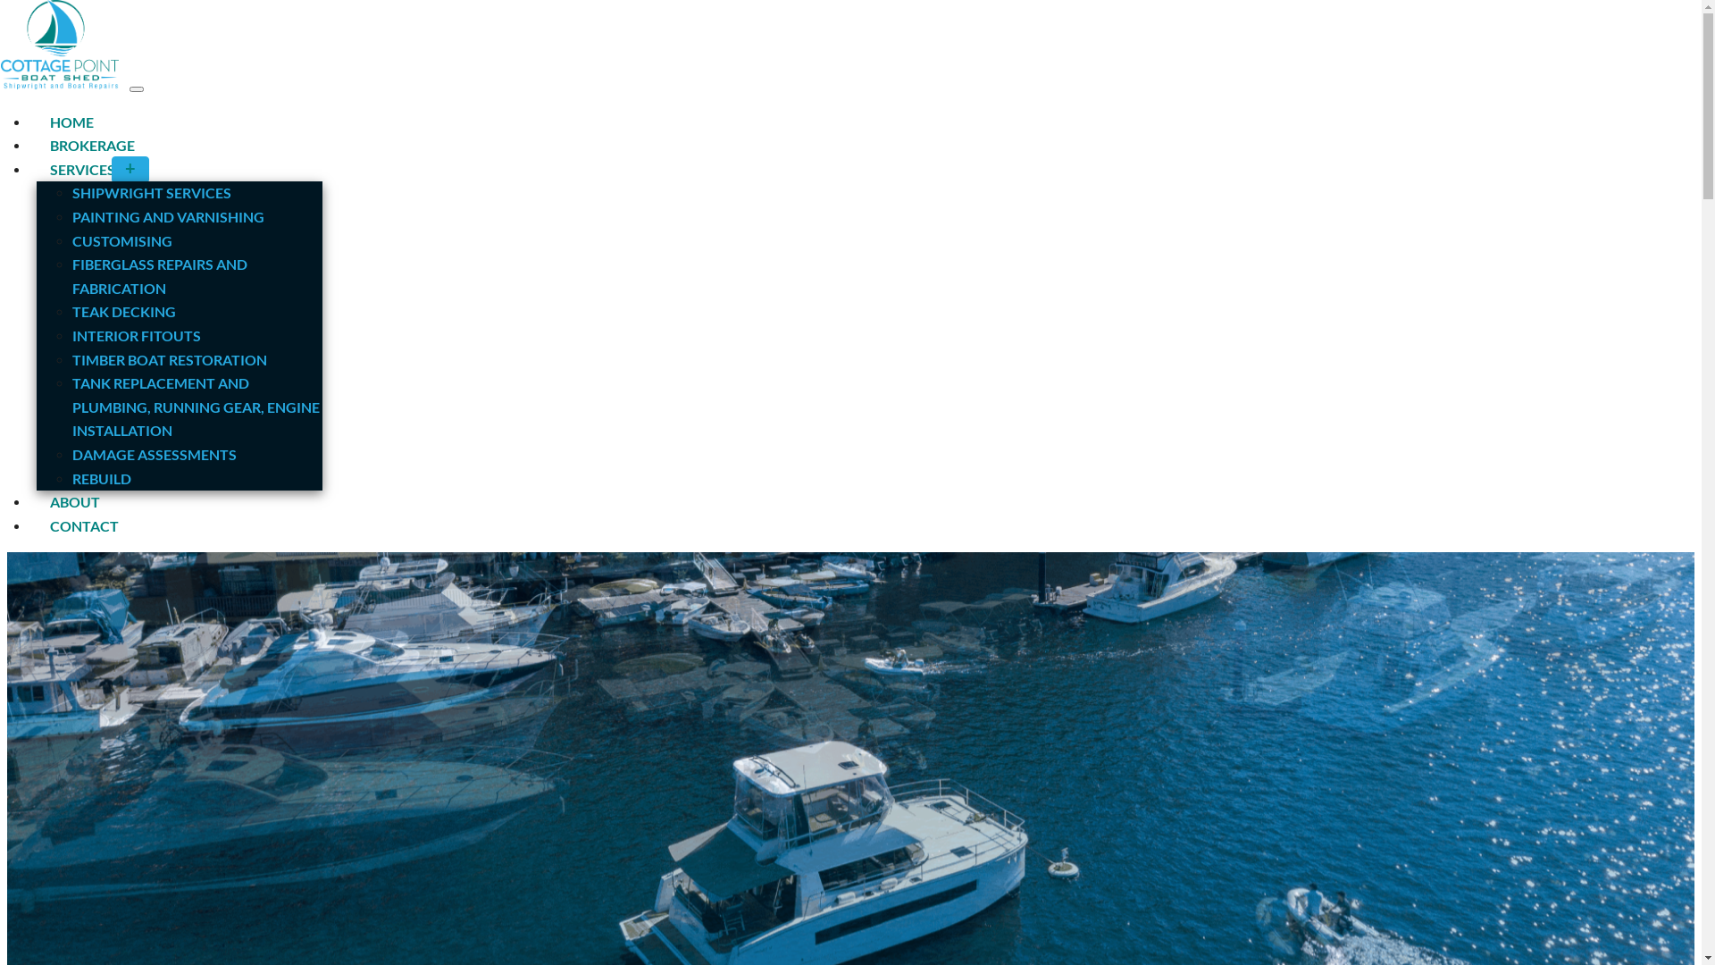 Image resolution: width=1715 pixels, height=965 pixels. I want to click on 'CUSTOMISING', so click(71, 239).